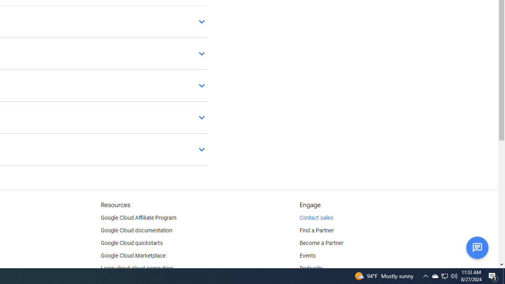 The image size is (505, 284). Describe the element at coordinates (307, 256) in the screenshot. I see `'Events'` at that location.